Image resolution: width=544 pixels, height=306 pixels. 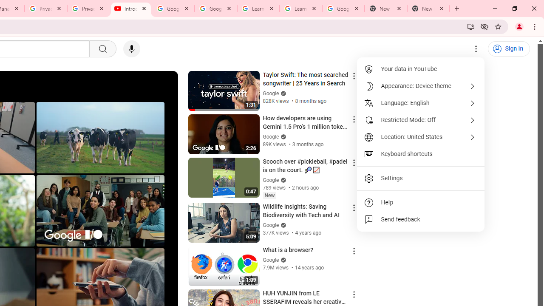 What do you see at coordinates (130, 8) in the screenshot?
I see `'Introduction | Google Privacy Policy - YouTube'` at bounding box center [130, 8].